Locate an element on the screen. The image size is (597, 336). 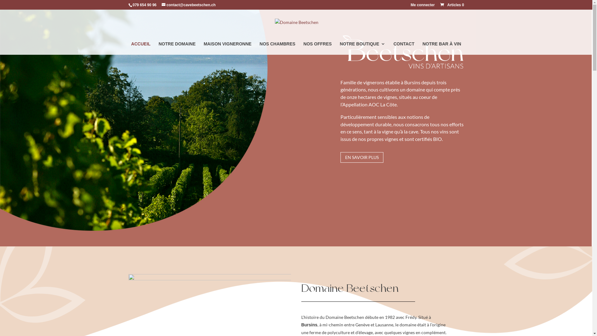
'MAISON VIGNERONNE' is located at coordinates (227, 48).